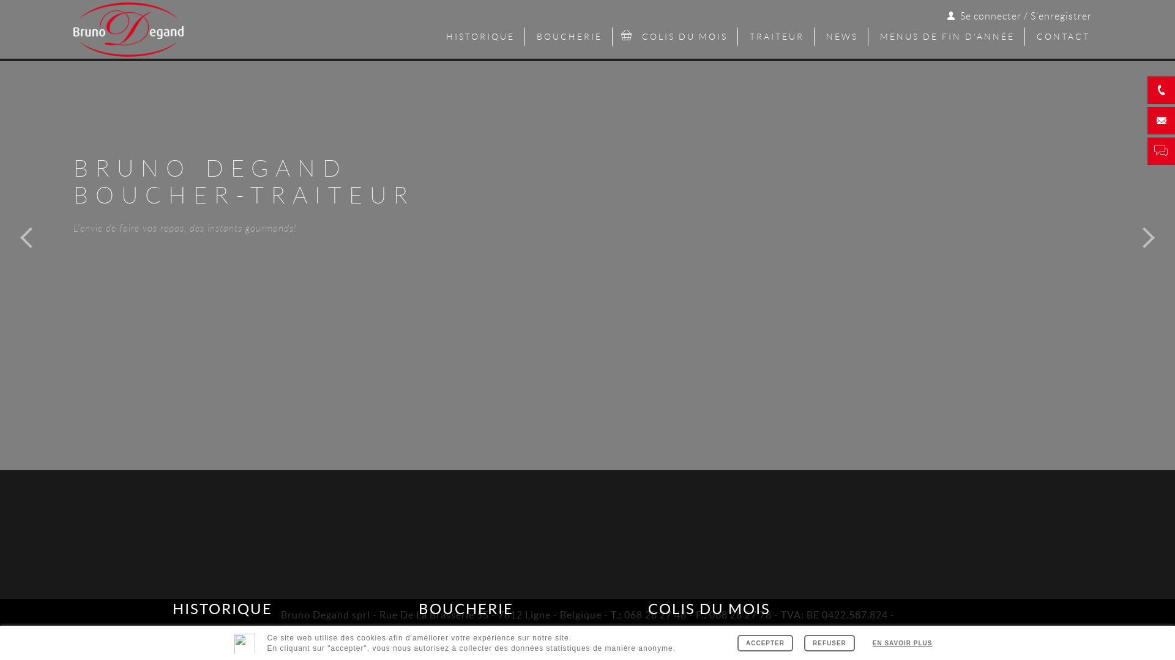  I want to click on 'CONTACT', so click(1062, 36).